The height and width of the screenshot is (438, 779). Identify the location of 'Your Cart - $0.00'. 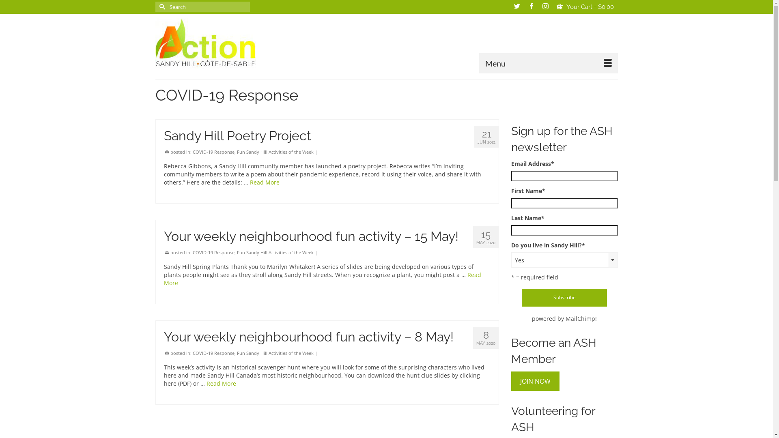
(585, 6).